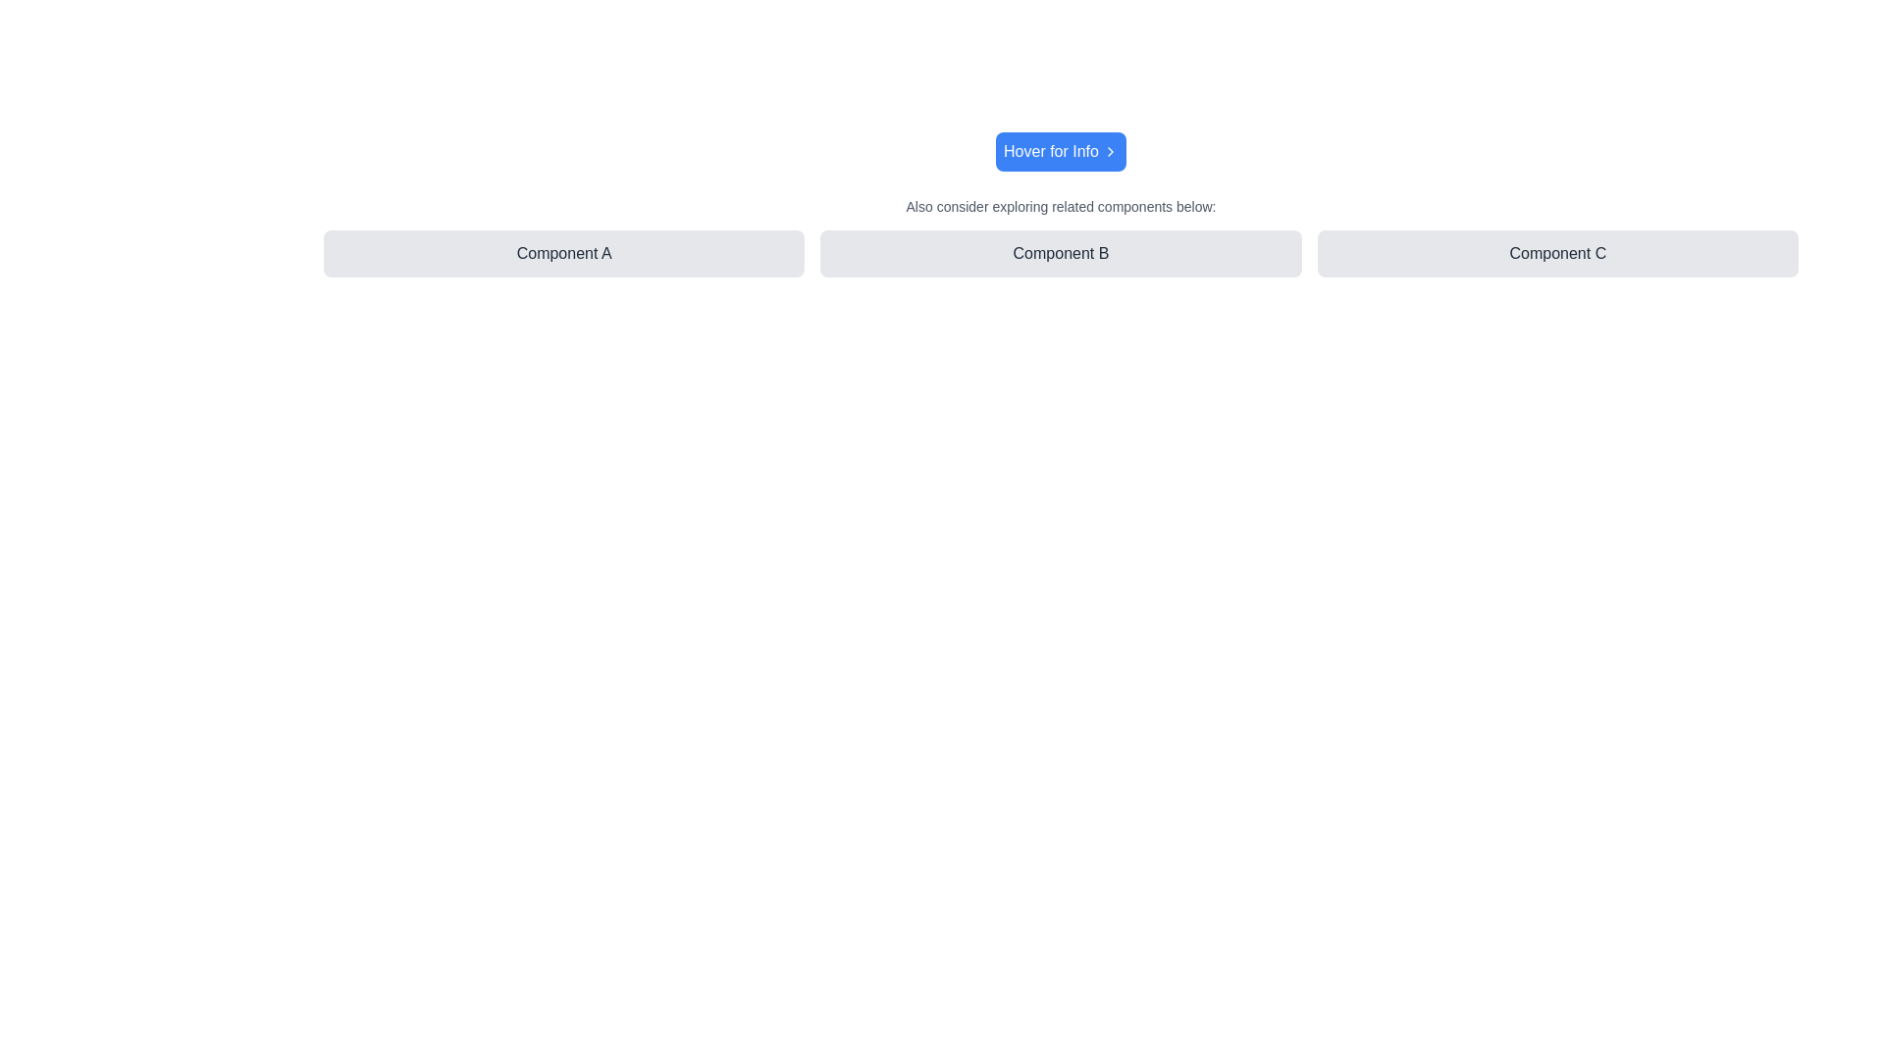 The width and height of the screenshot is (1884, 1059). What do you see at coordinates (1060, 252) in the screenshot?
I see `the interactive button labeled 'Component B' to change its appearance` at bounding box center [1060, 252].